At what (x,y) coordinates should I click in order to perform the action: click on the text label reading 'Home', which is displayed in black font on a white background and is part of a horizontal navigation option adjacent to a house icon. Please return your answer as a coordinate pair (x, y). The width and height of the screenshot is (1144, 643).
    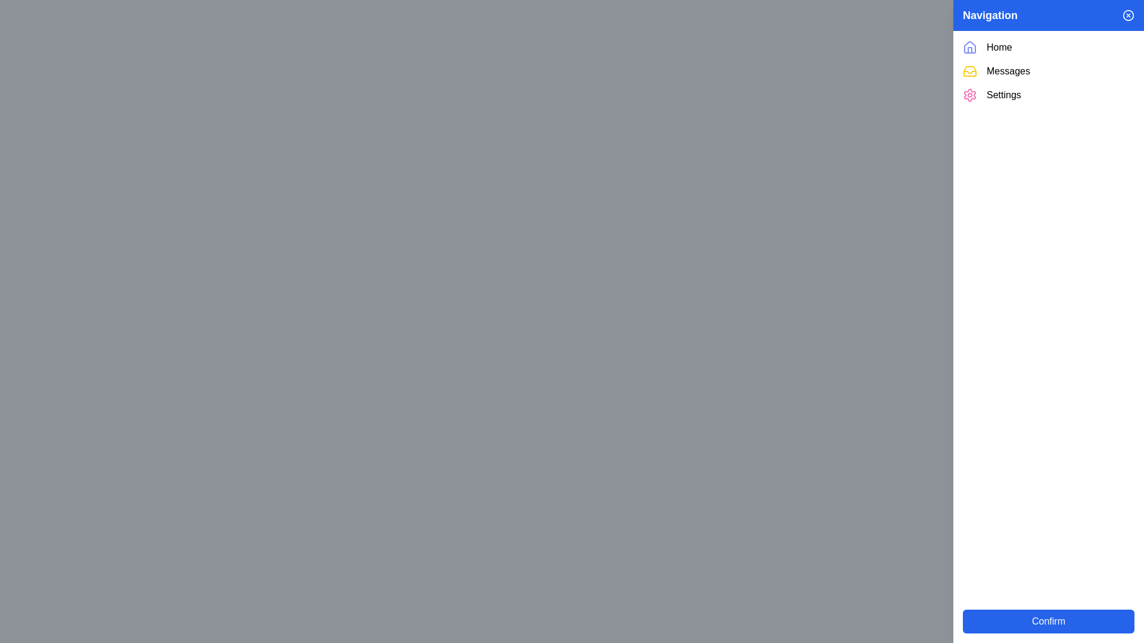
    Looking at the image, I should click on (999, 47).